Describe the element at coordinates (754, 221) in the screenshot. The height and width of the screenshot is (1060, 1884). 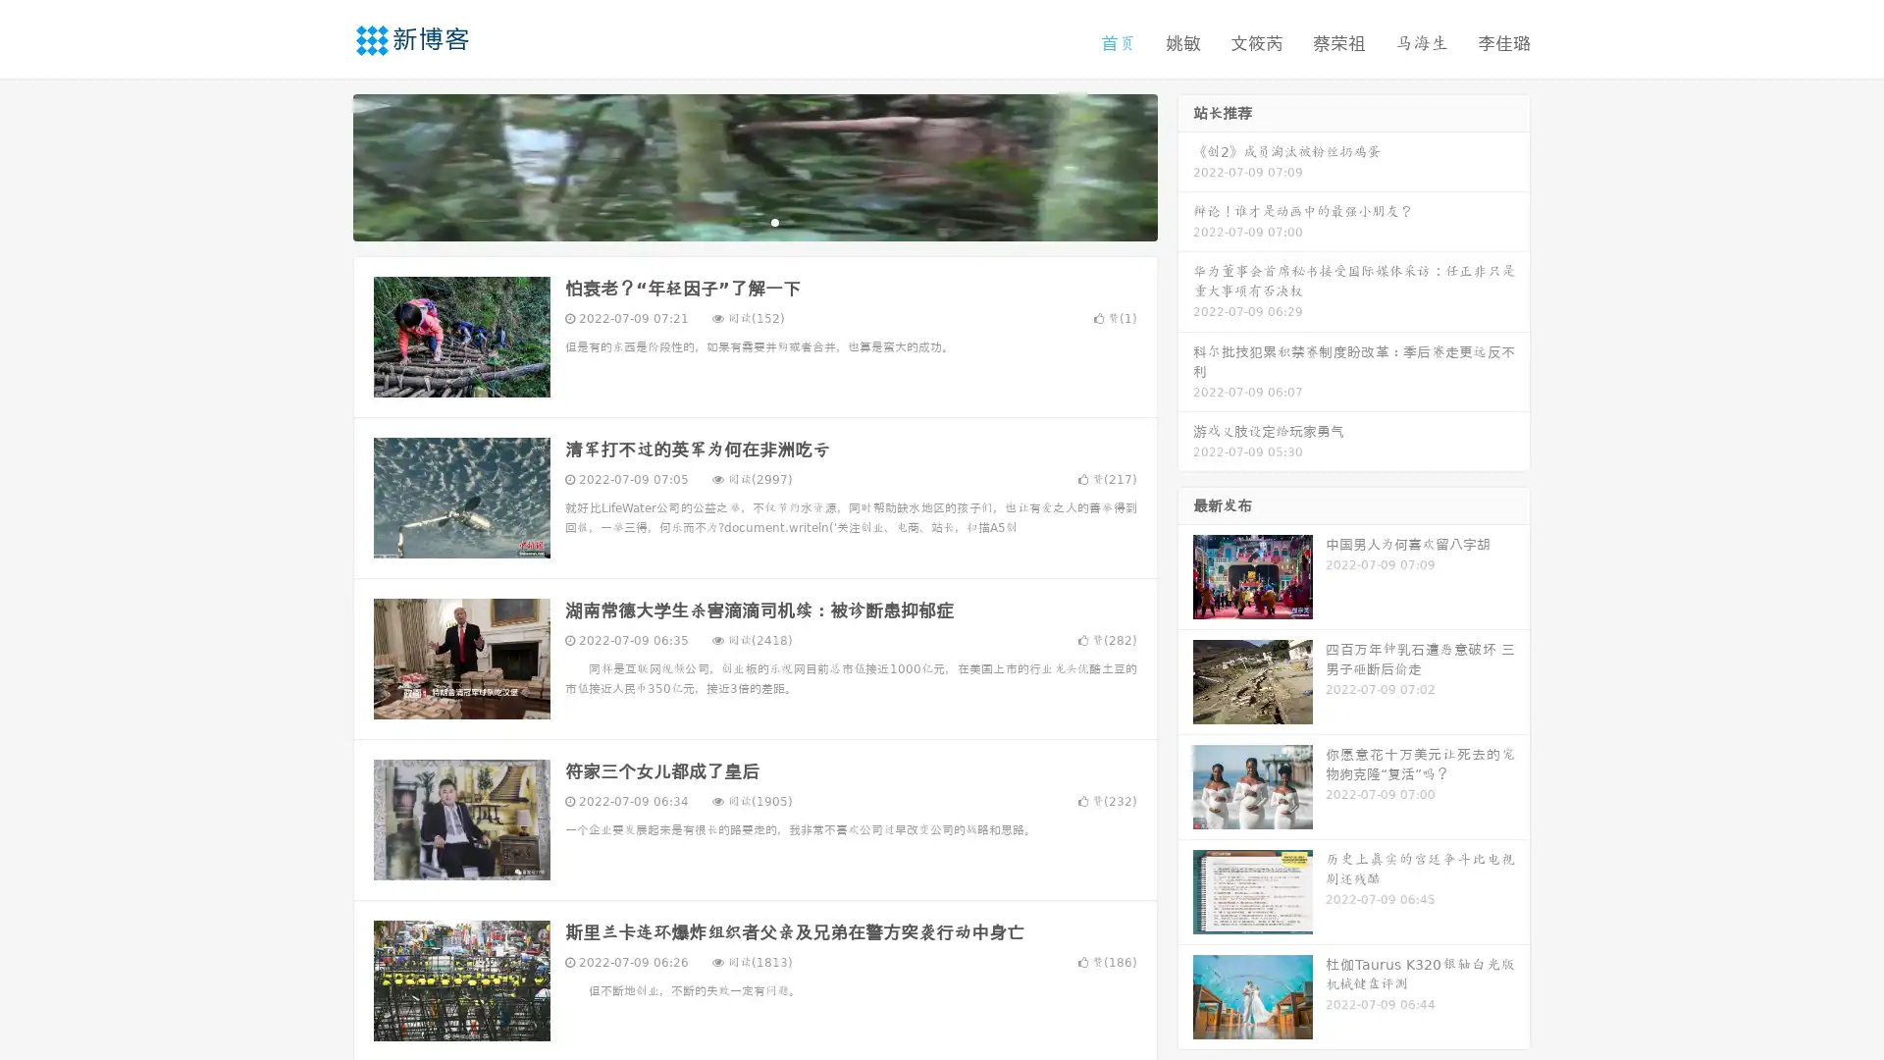
I see `Go to slide 2` at that location.